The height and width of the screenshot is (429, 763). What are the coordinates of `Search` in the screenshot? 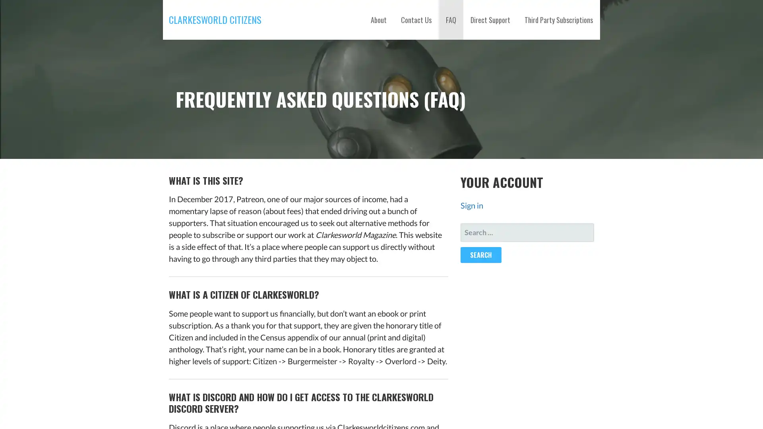 It's located at (480, 255).